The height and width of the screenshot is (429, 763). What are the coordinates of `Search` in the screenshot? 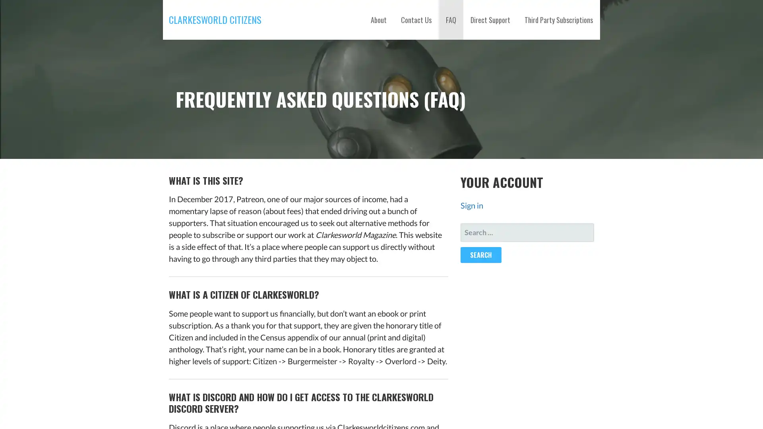 It's located at (480, 255).